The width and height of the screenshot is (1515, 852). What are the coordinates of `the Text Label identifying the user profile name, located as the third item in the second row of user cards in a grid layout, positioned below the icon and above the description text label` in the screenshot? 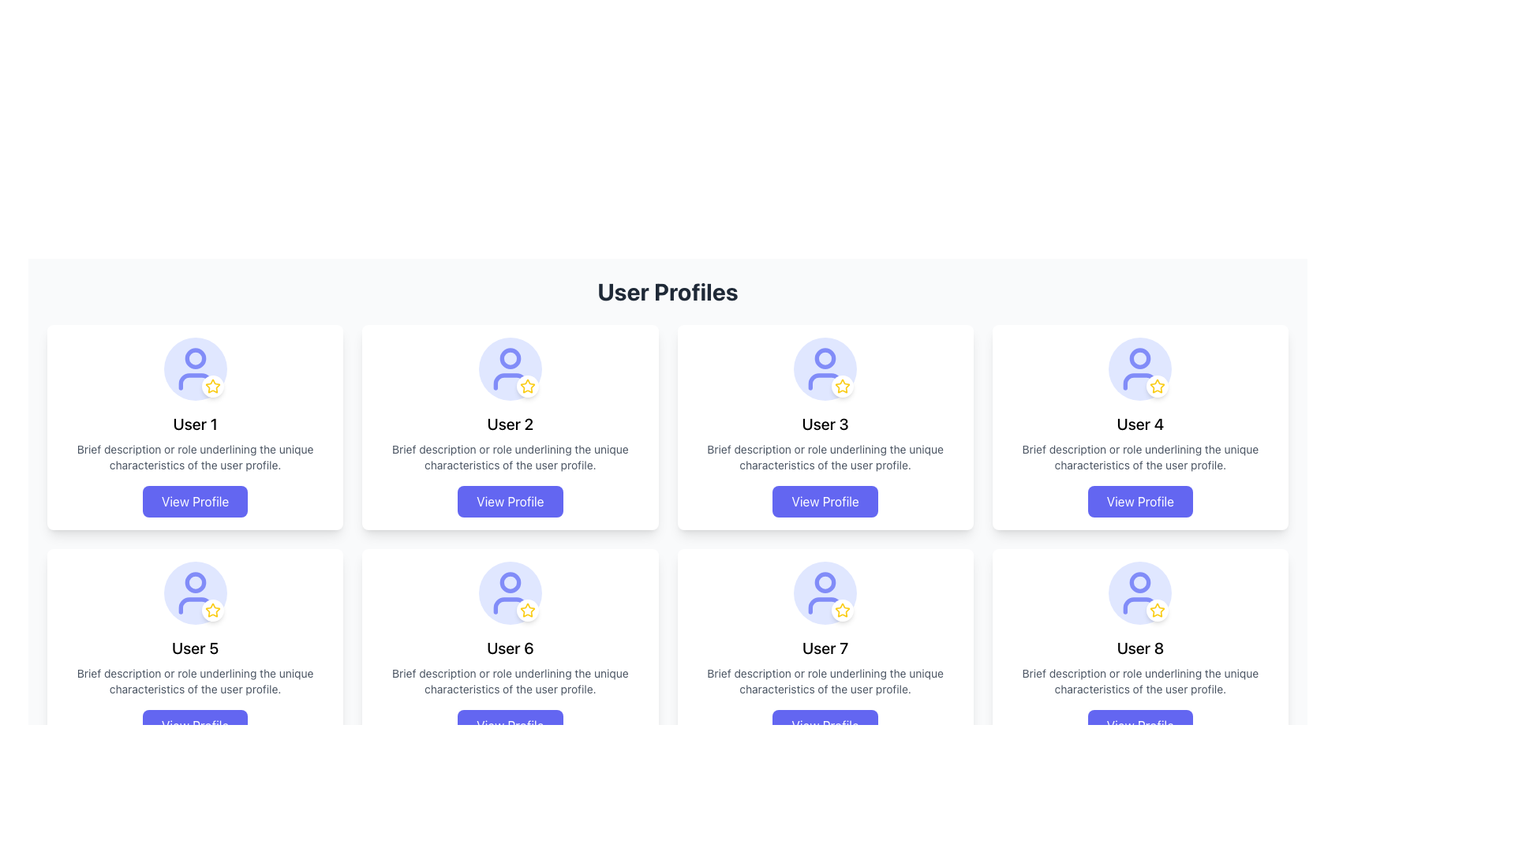 It's located at (825, 423).